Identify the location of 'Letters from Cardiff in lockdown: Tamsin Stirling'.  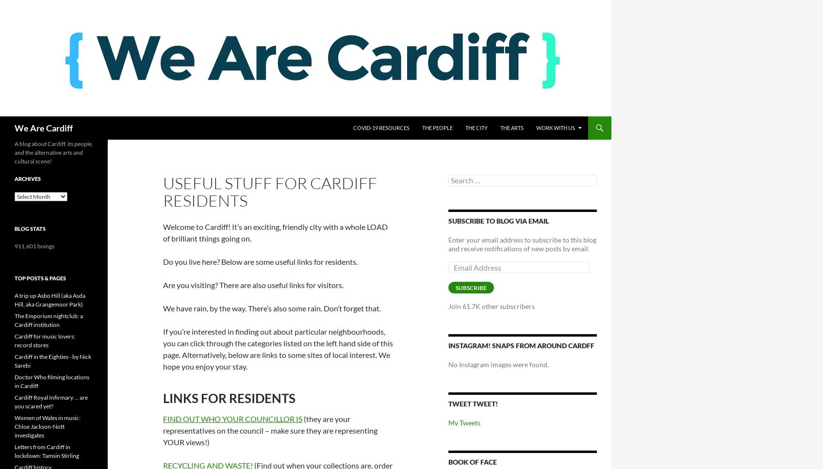
(46, 451).